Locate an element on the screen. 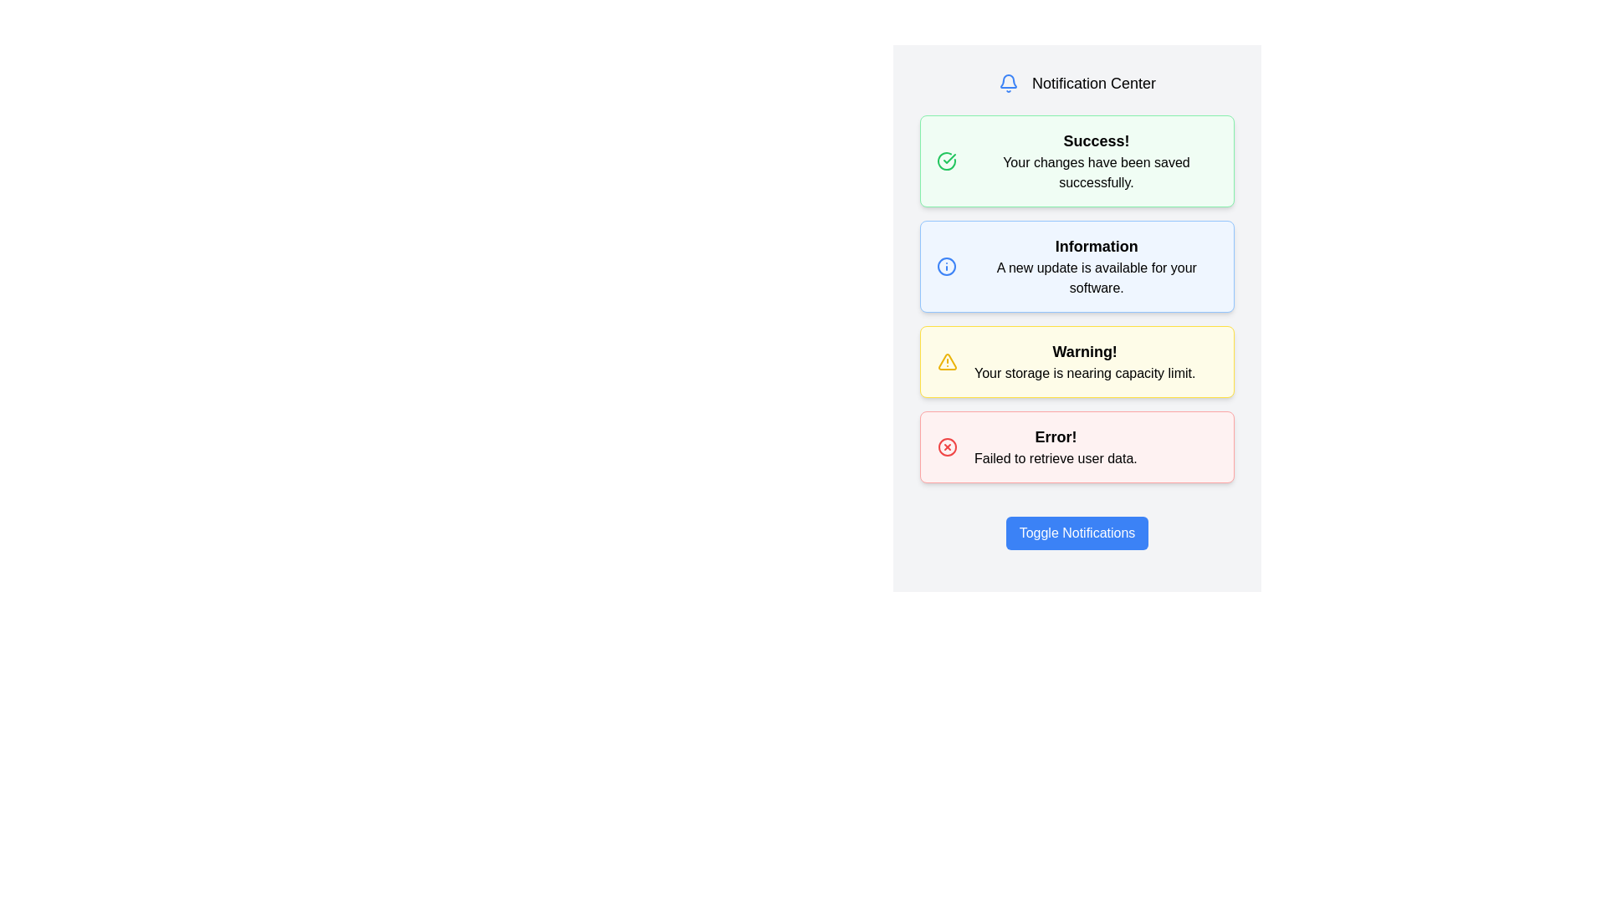  the warning icon located in the third notification card labeled 'Warning! Your storage is nearing capacity limit.' to acknowledge the warning is located at coordinates (947, 360).